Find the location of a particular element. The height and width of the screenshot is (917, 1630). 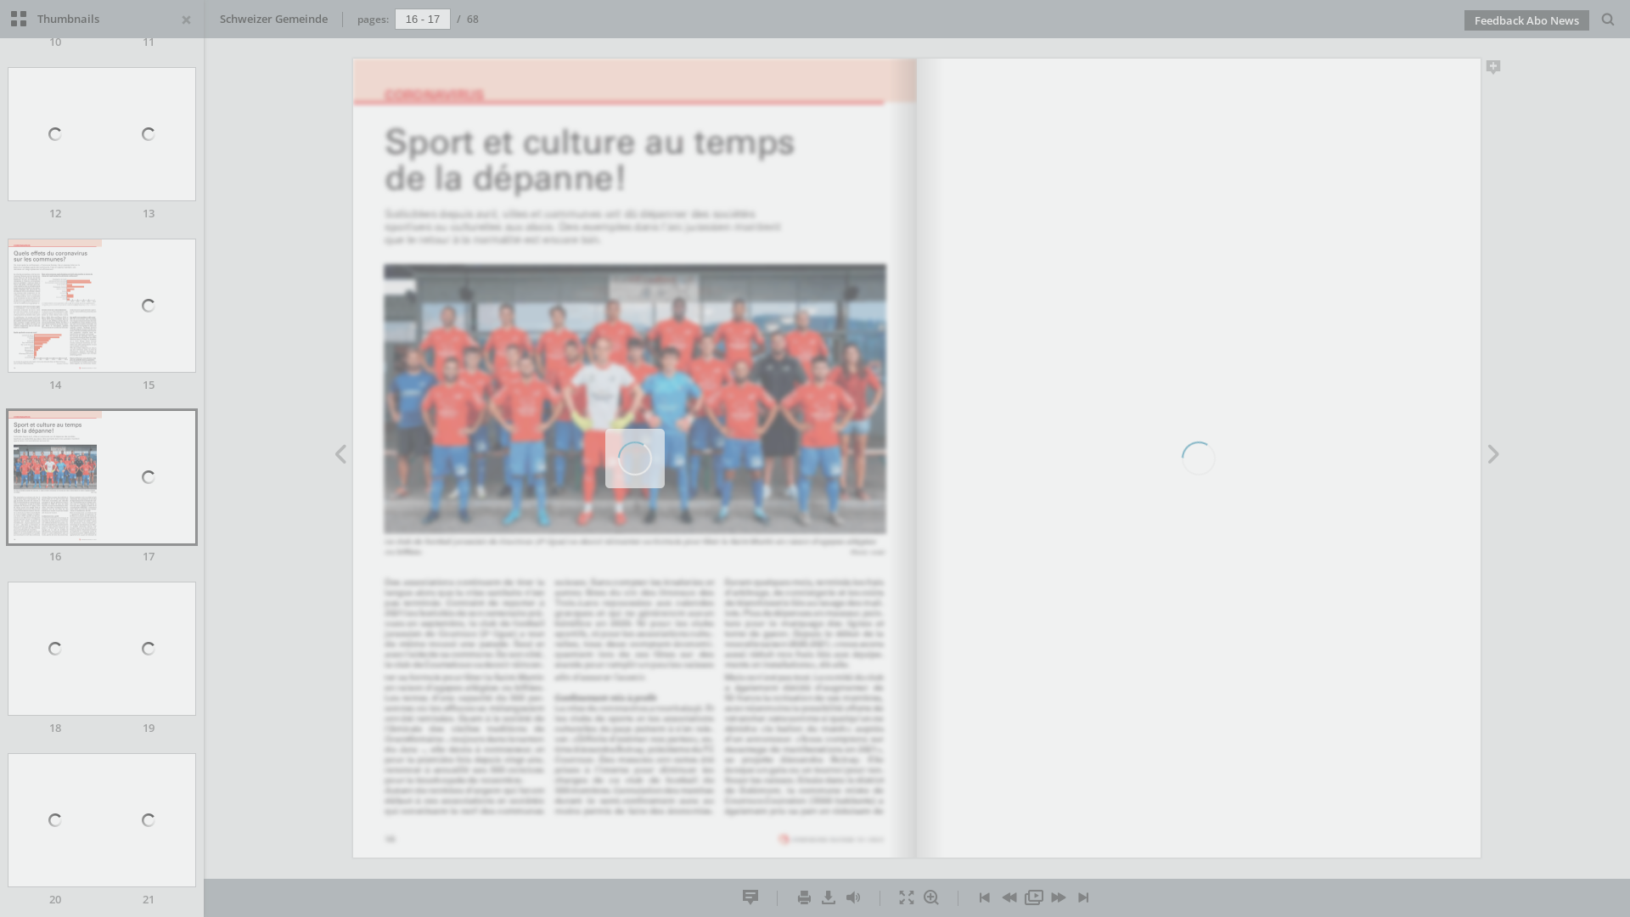

'Fullscreen' is located at coordinates (906, 897).